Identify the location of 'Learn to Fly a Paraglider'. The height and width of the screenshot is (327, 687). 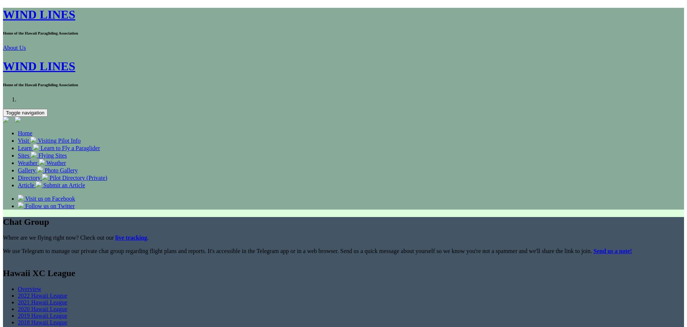
(70, 147).